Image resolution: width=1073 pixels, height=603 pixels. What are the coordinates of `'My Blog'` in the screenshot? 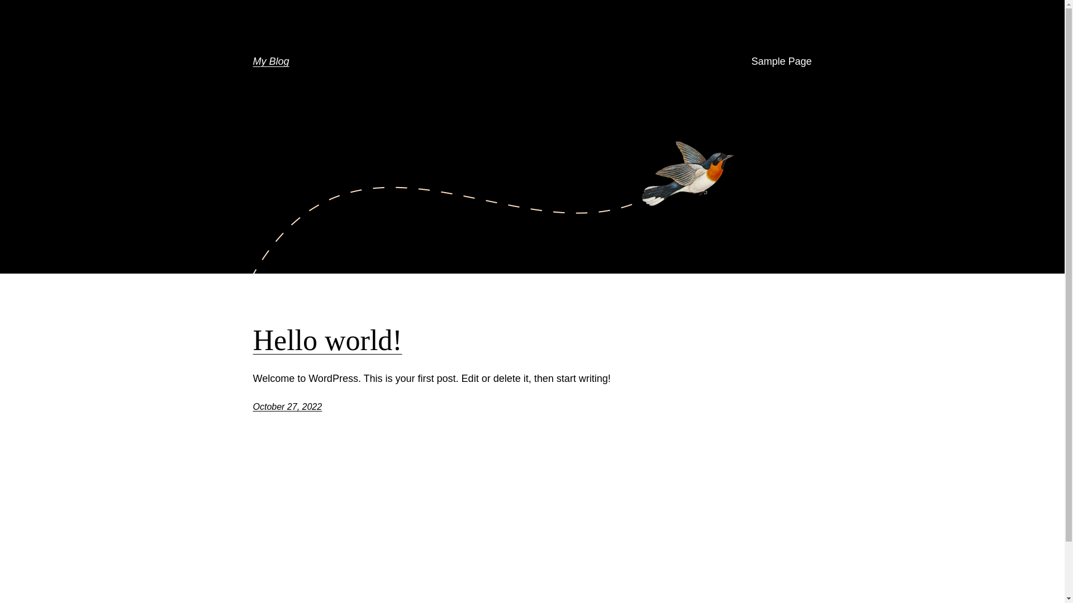 It's located at (270, 61).